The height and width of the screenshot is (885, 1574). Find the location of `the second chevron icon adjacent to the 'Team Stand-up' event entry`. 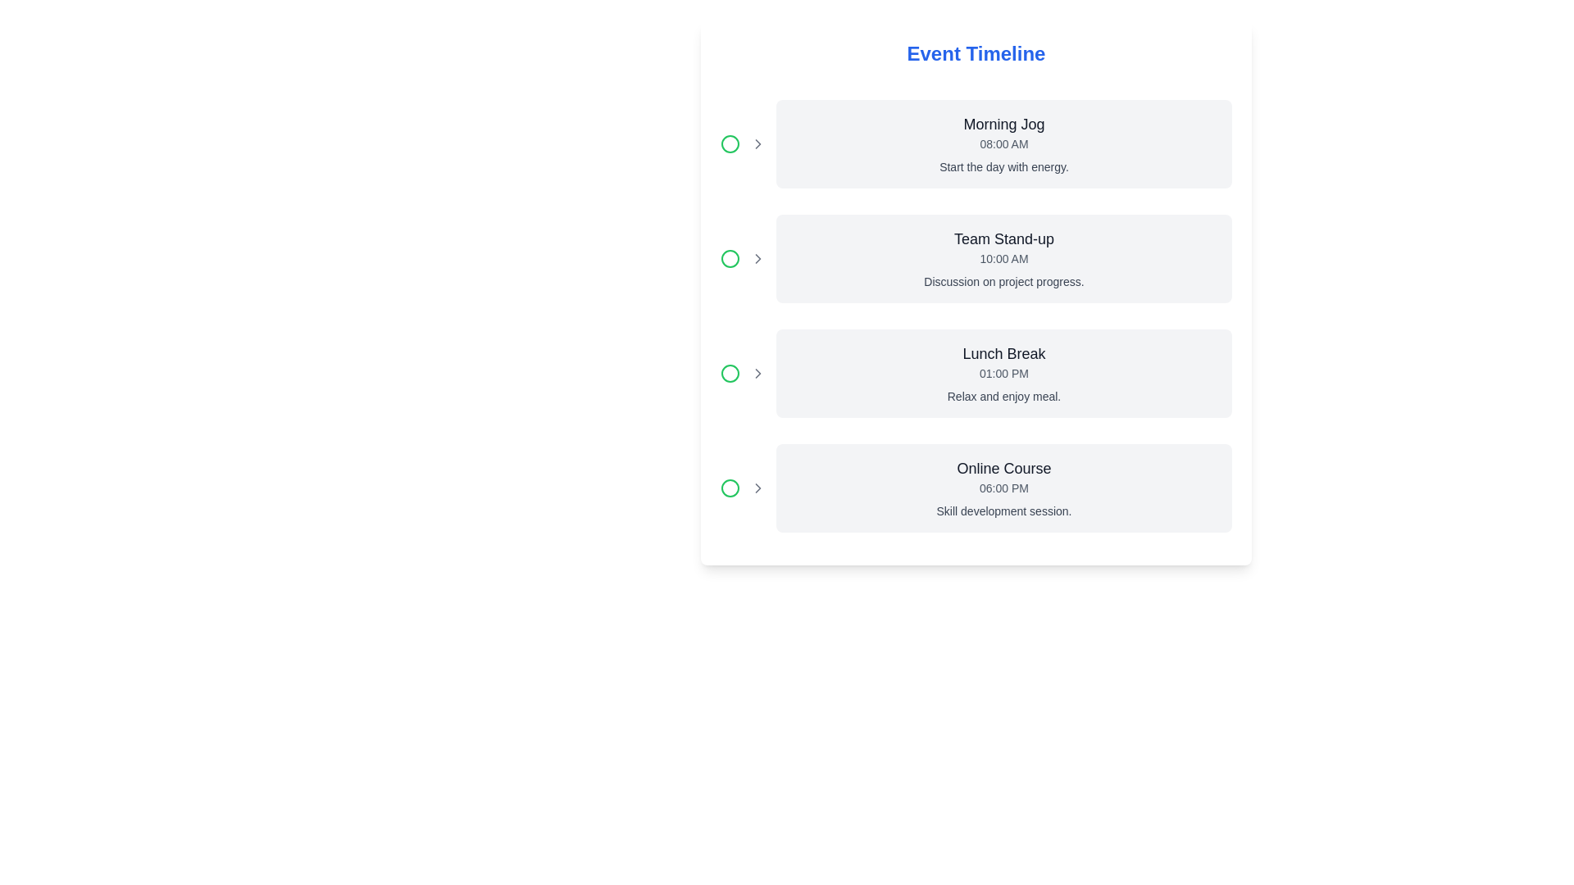

the second chevron icon adjacent to the 'Team Stand-up' event entry is located at coordinates (757, 258).